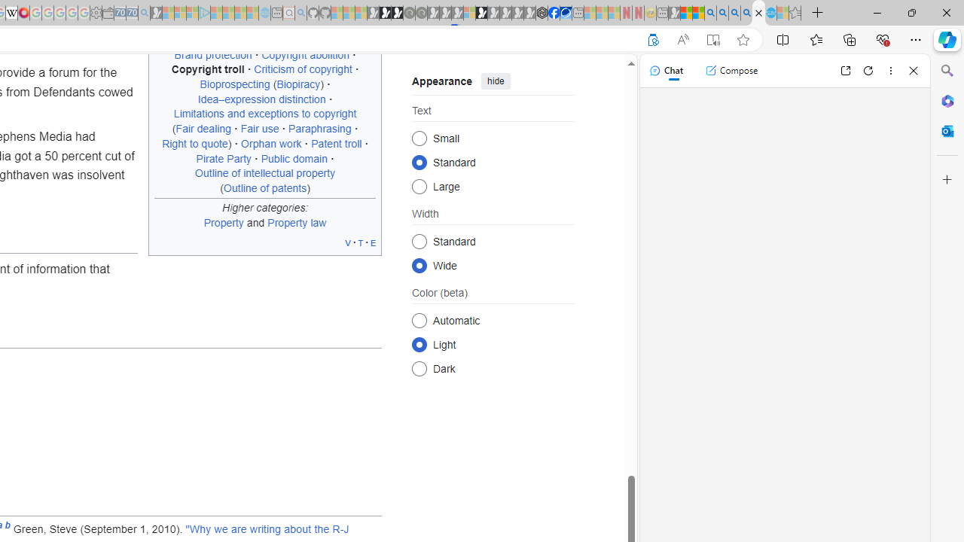 The image size is (964, 542). Describe the element at coordinates (743, 39) in the screenshot. I see `'Add this page to favorites (Ctrl+D)'` at that location.